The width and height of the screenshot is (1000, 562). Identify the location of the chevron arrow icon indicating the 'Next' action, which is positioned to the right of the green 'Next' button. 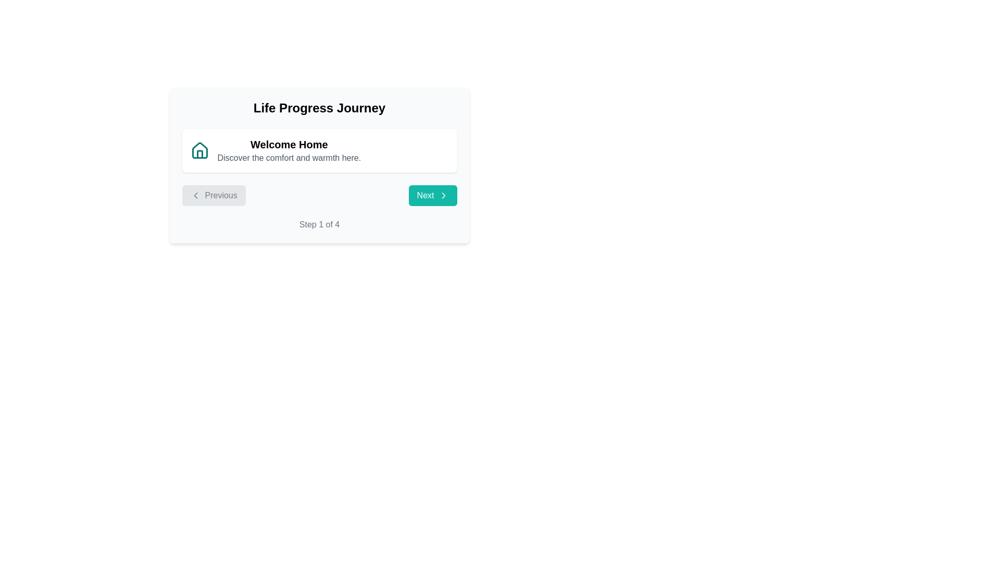
(443, 195).